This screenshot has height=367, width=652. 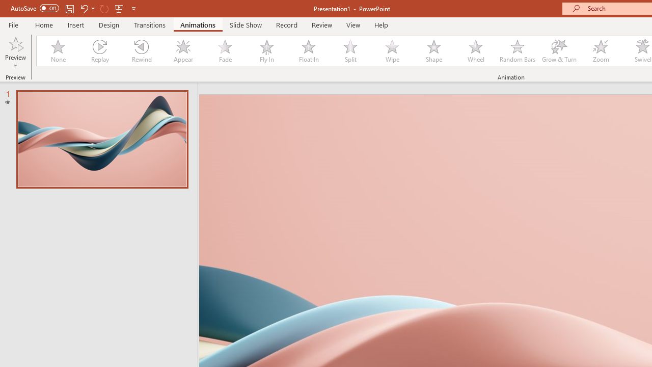 What do you see at coordinates (559, 51) in the screenshot?
I see `'Grow & Turn'` at bounding box center [559, 51].